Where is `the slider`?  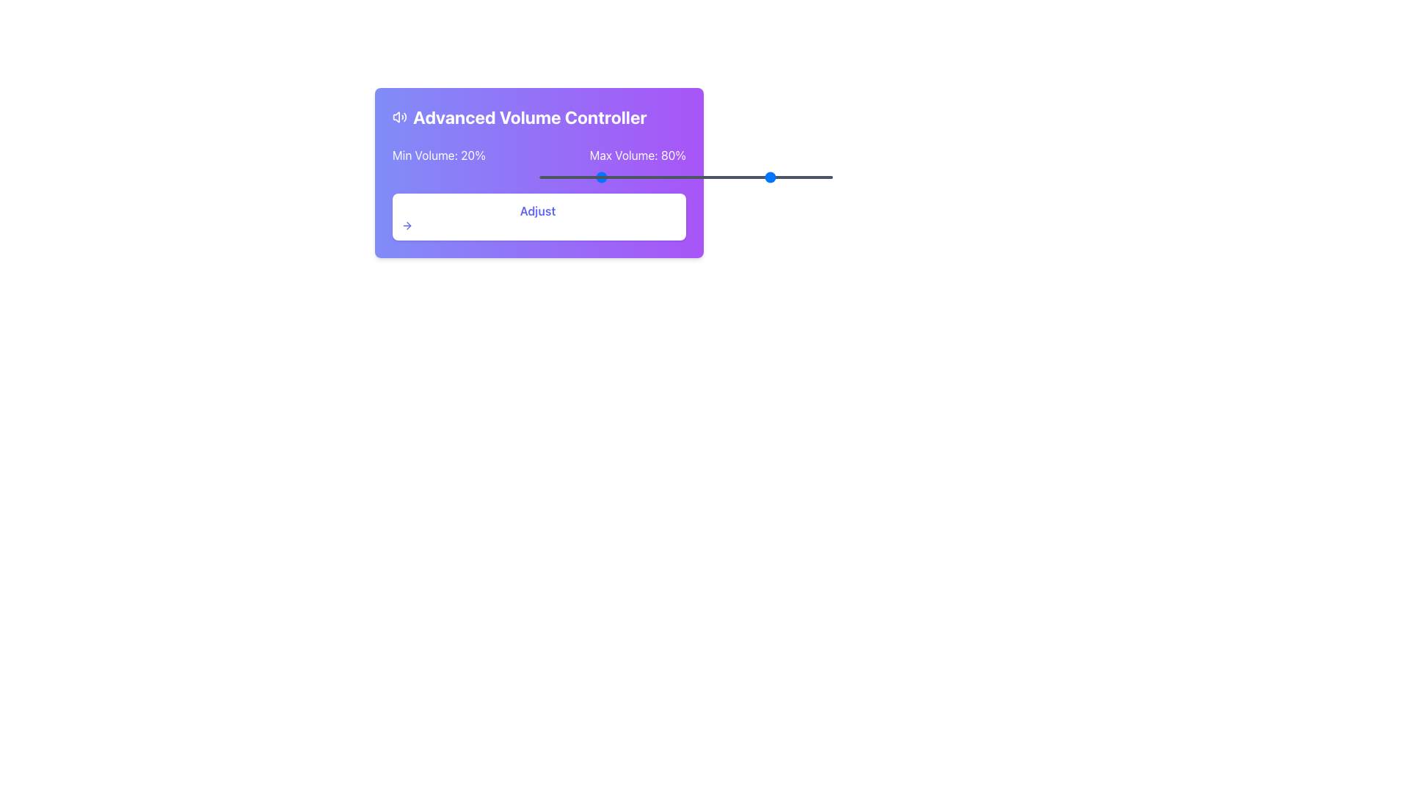 the slider is located at coordinates (661, 177).